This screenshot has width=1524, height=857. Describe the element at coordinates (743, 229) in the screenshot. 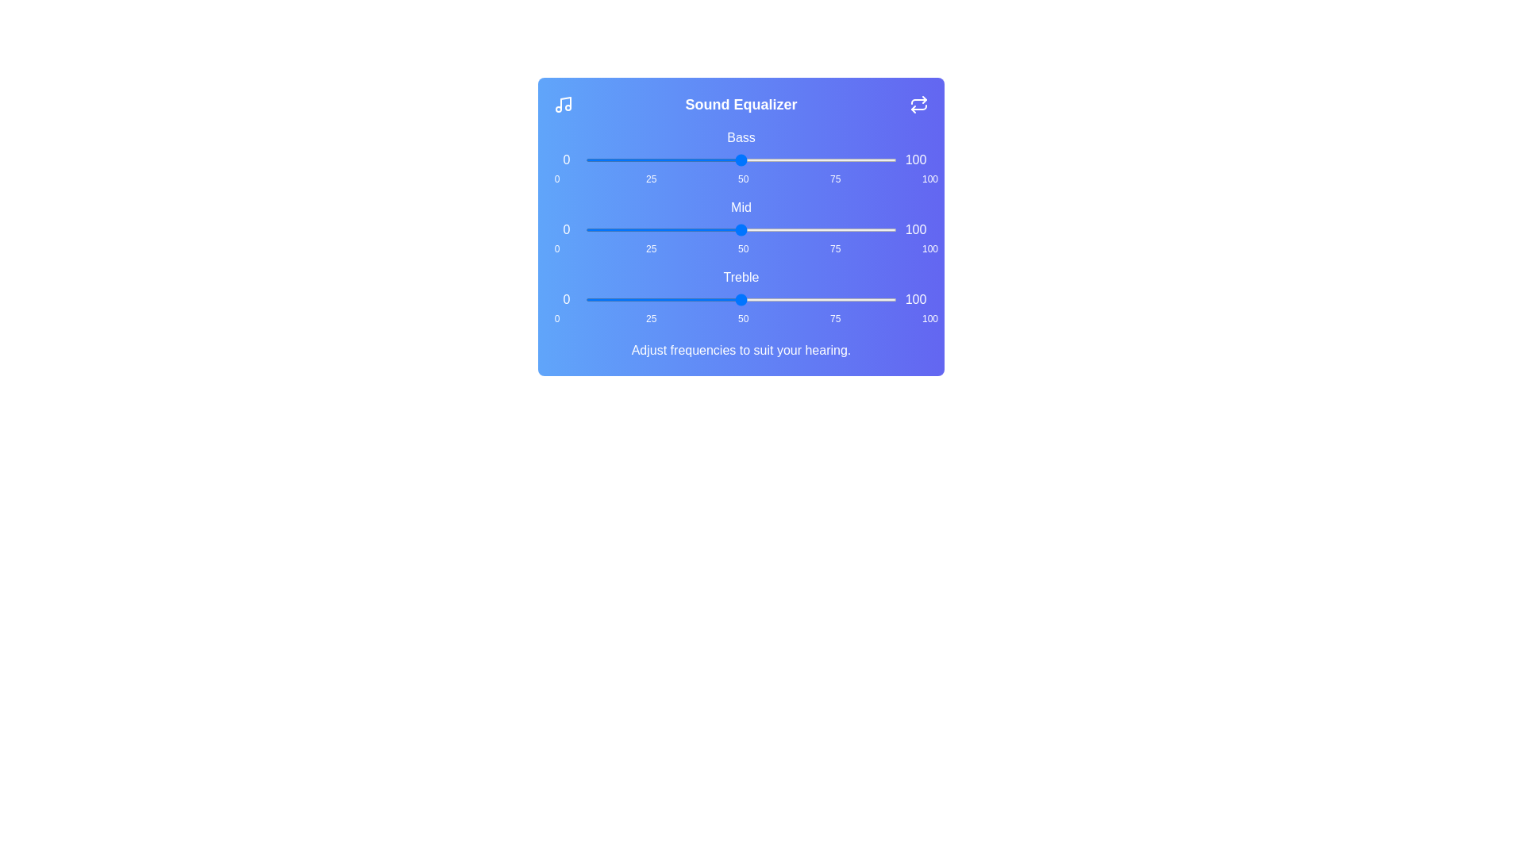

I see `the 'mid' slider to 51` at that location.